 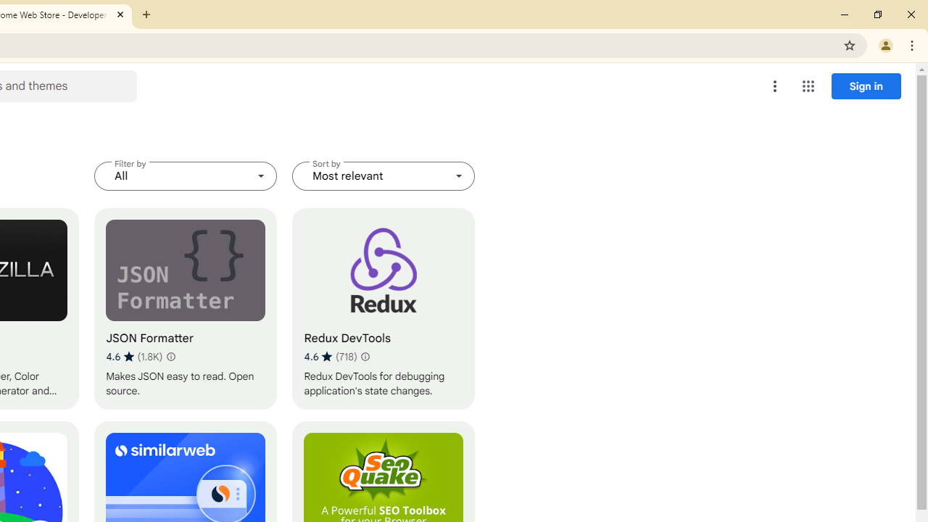 I want to click on 'More options menu', so click(x=774, y=86).